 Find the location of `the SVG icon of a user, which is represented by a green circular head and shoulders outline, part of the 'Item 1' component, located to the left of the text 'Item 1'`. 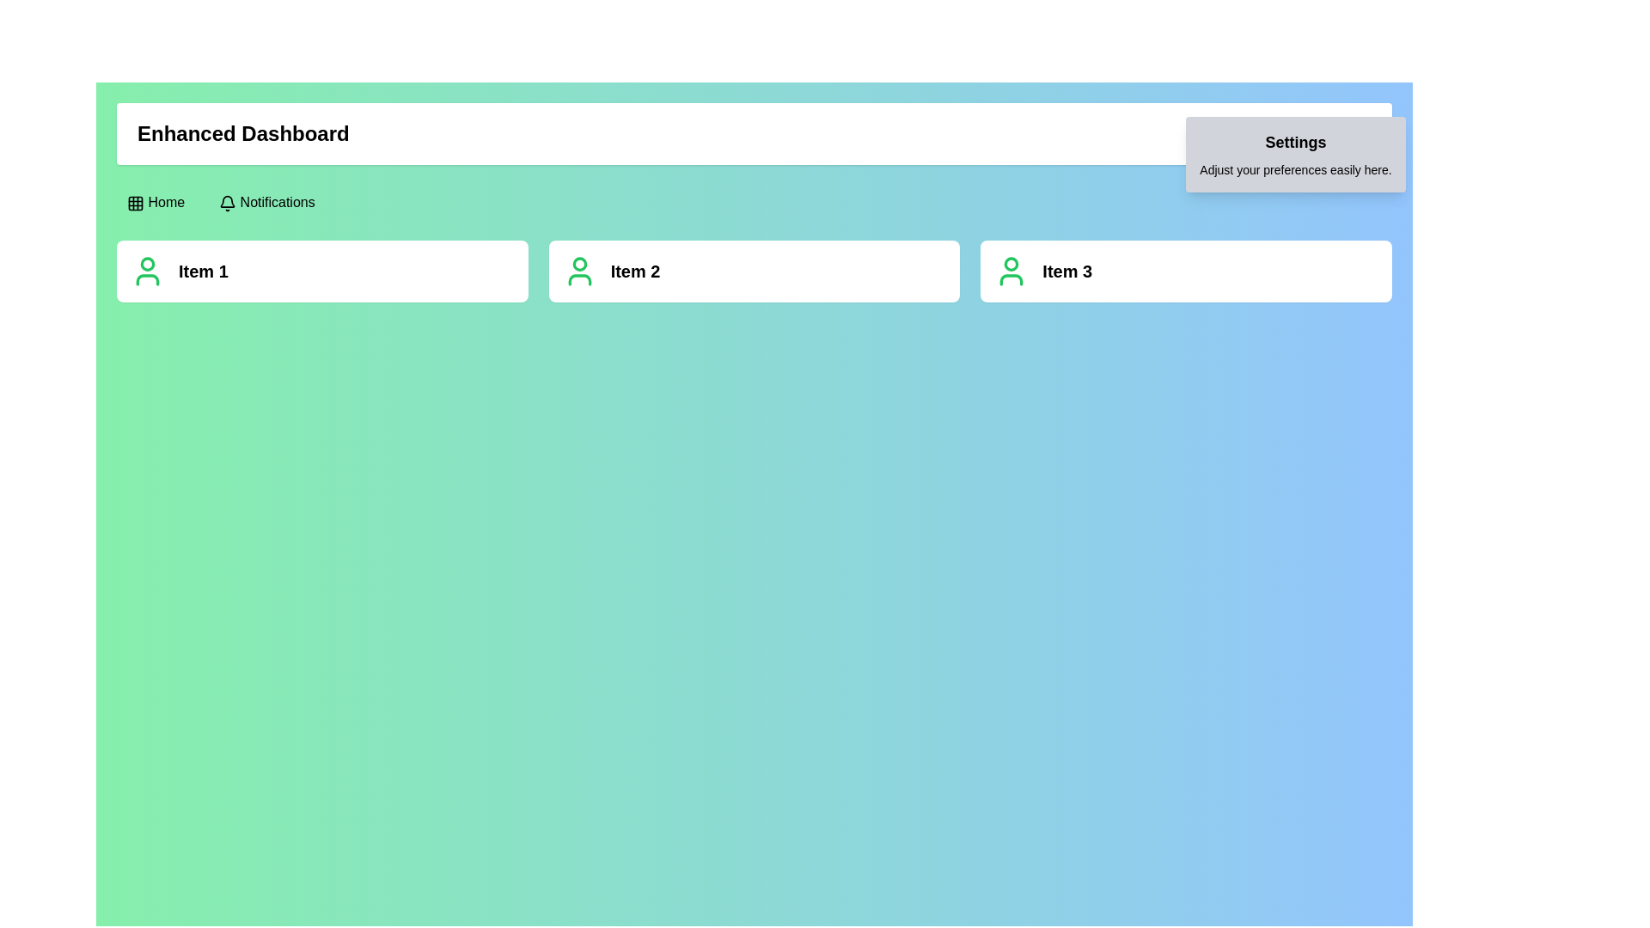

the SVG icon of a user, which is represented by a green circular head and shoulders outline, part of the 'Item 1' component, located to the left of the text 'Item 1' is located at coordinates (148, 271).